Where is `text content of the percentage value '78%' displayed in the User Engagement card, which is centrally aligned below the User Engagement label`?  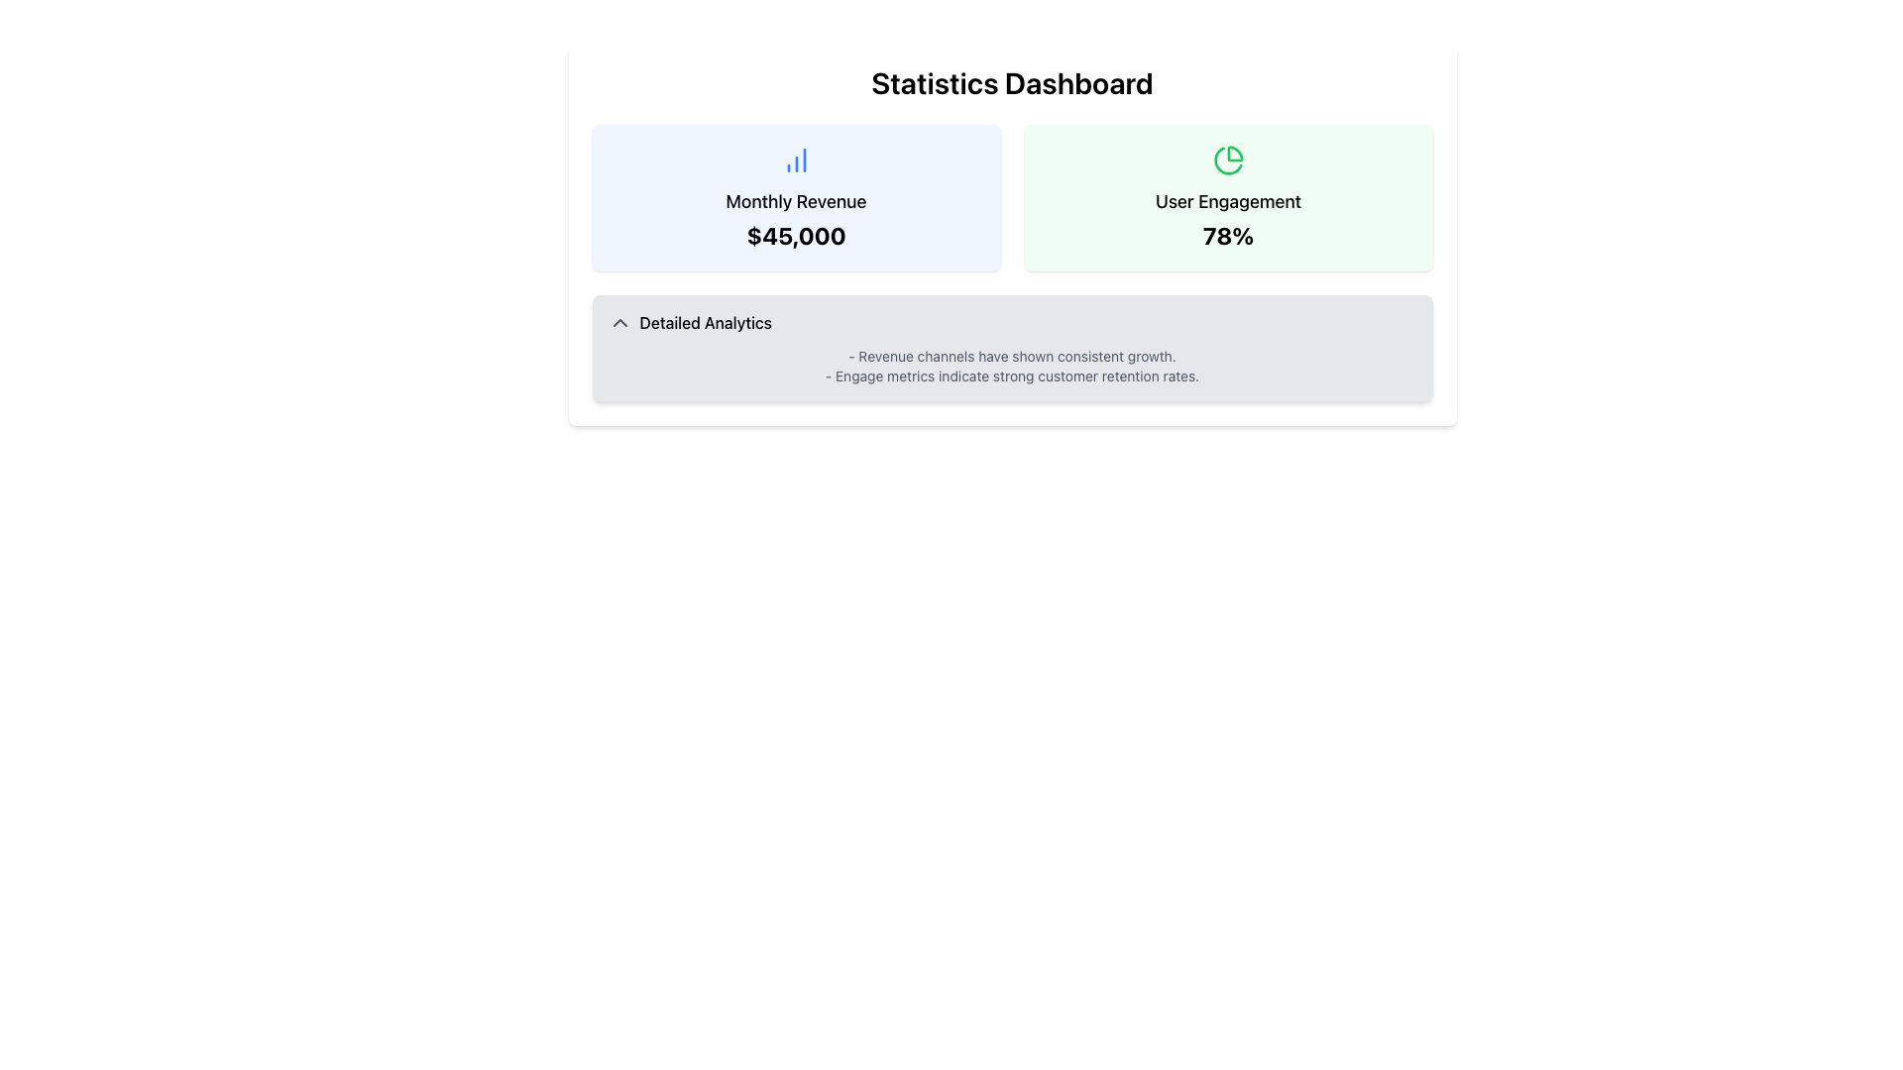 text content of the percentage value '78%' displayed in the User Engagement card, which is centrally aligned below the User Engagement label is located at coordinates (1227, 235).